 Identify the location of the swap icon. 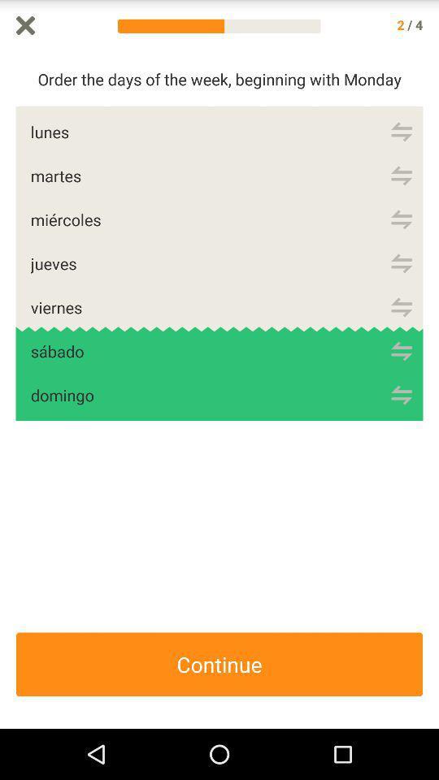
(401, 140).